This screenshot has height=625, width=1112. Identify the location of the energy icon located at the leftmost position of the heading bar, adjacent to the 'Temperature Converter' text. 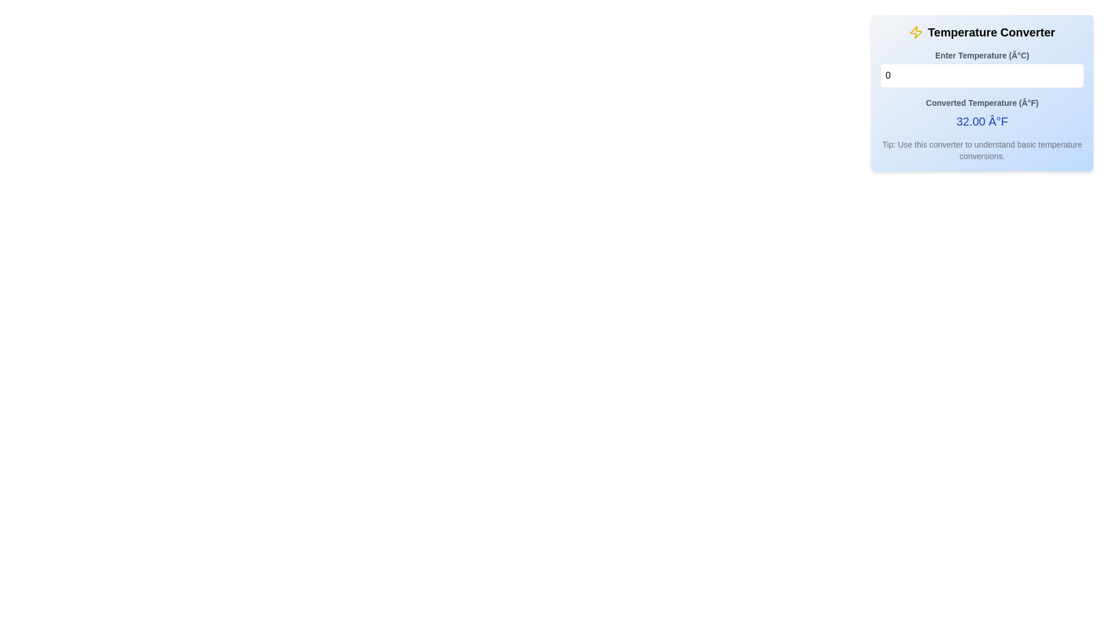
(916, 32).